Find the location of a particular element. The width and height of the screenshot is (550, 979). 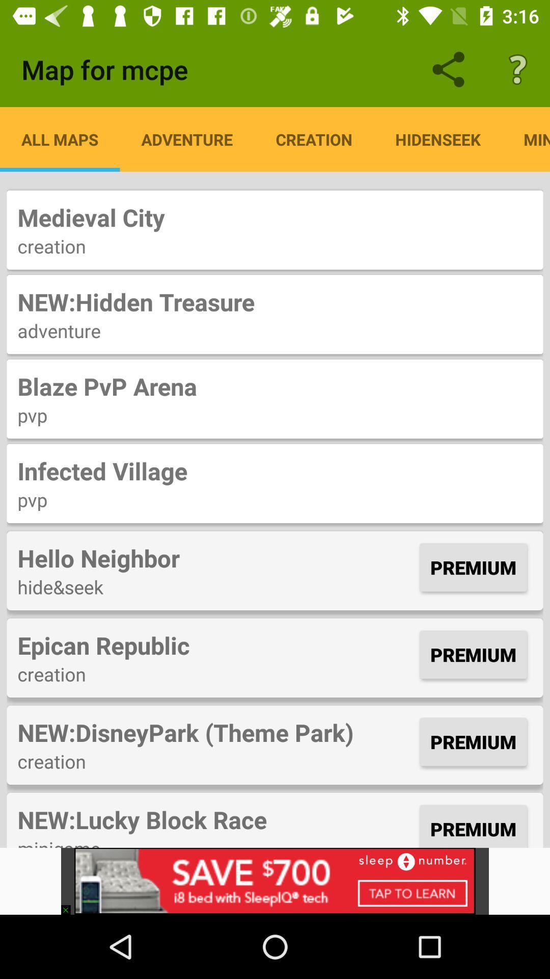

hello neighbor is located at coordinates (215, 557).